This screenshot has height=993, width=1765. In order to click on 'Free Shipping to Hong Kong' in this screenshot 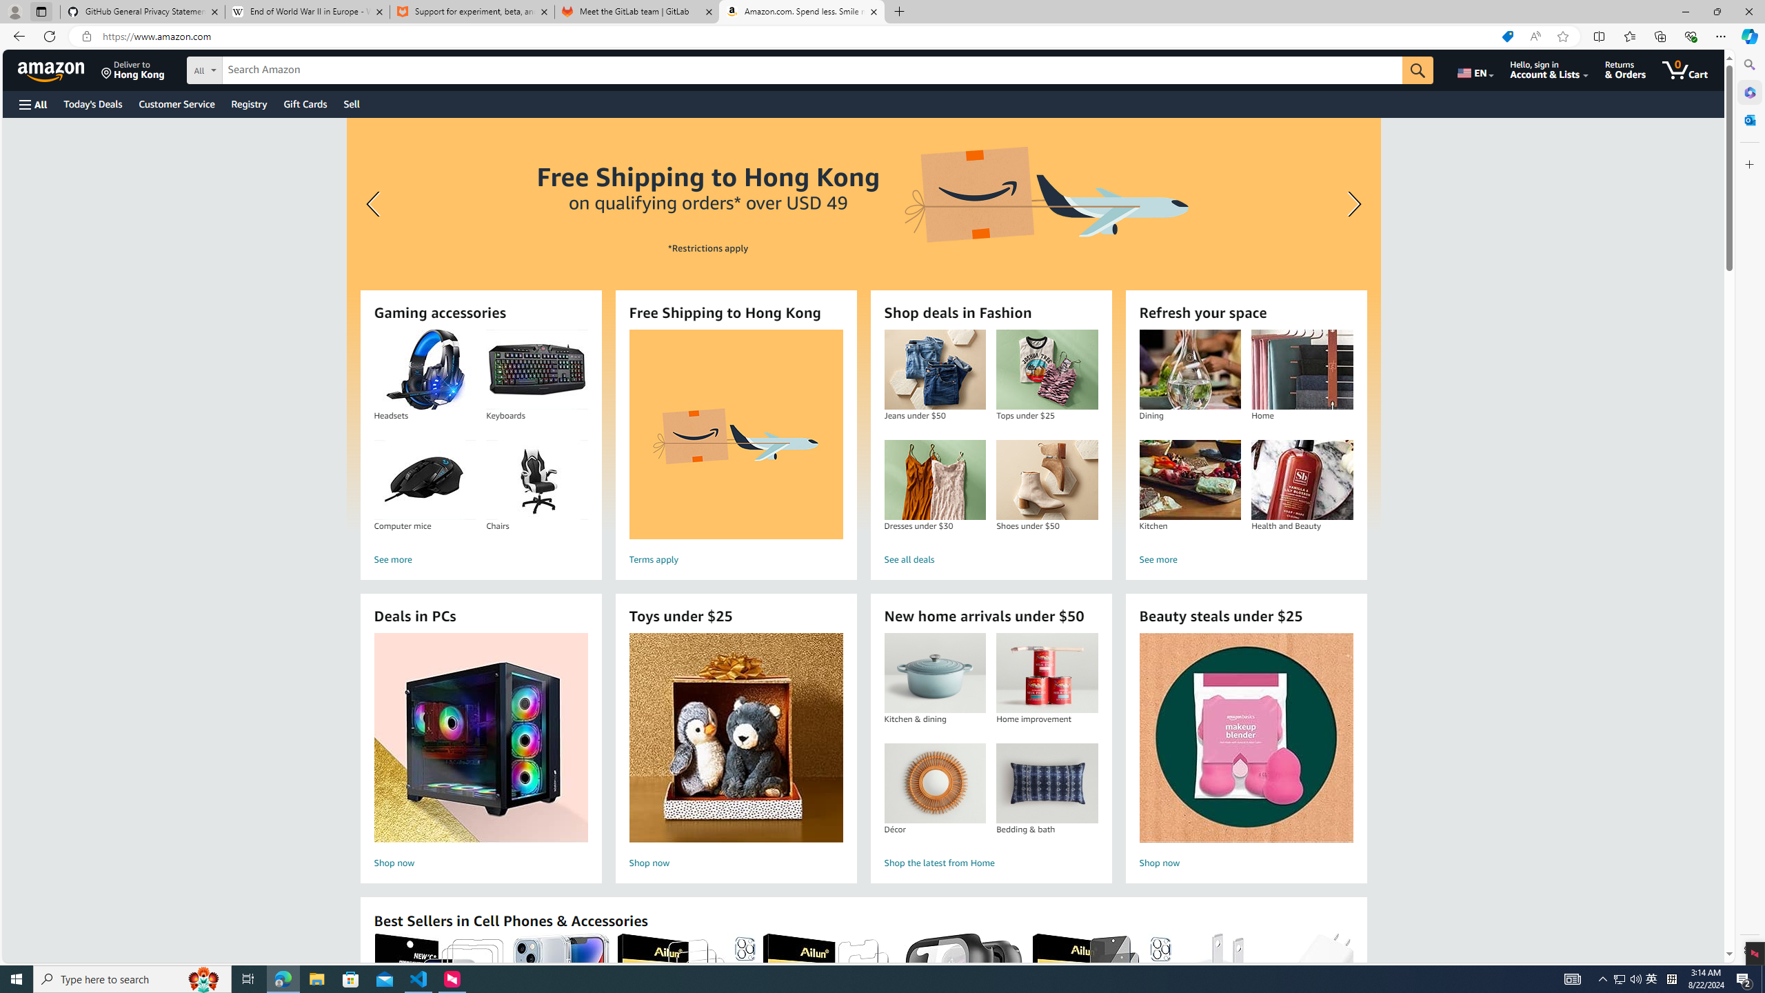, I will do `click(736, 434)`.